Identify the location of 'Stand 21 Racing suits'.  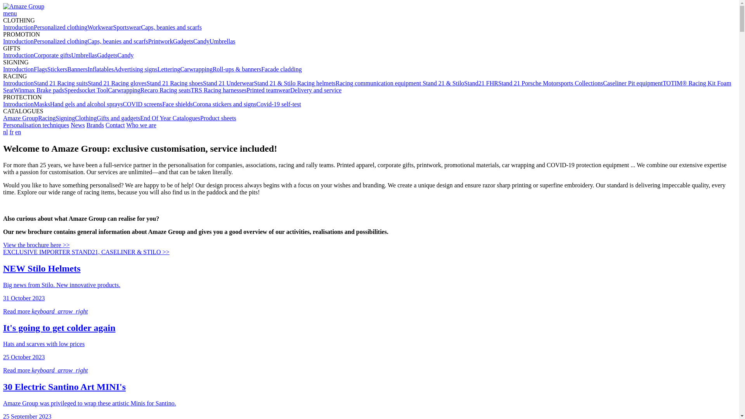
(60, 83).